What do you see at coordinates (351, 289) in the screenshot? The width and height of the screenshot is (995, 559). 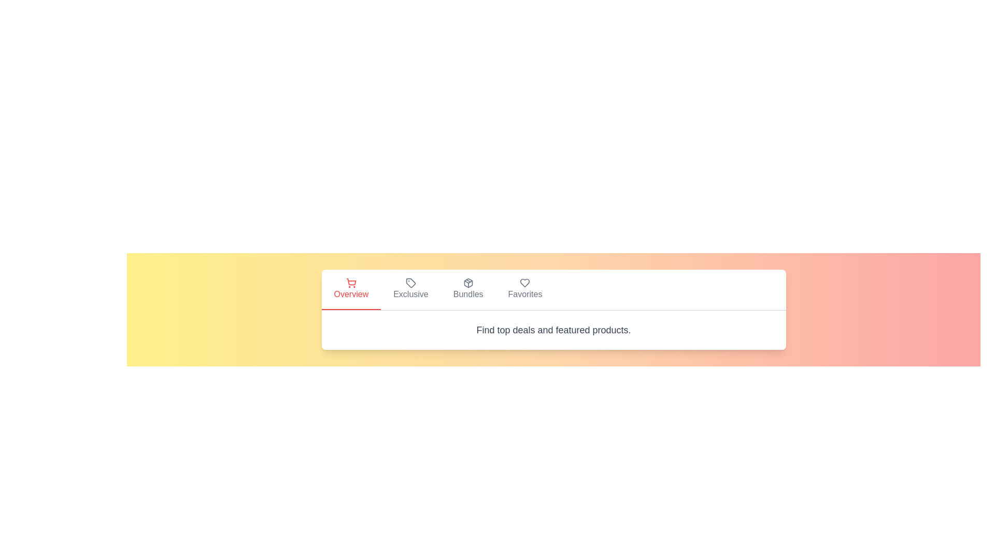 I see `the tab labeled Overview to switch to that view` at bounding box center [351, 289].